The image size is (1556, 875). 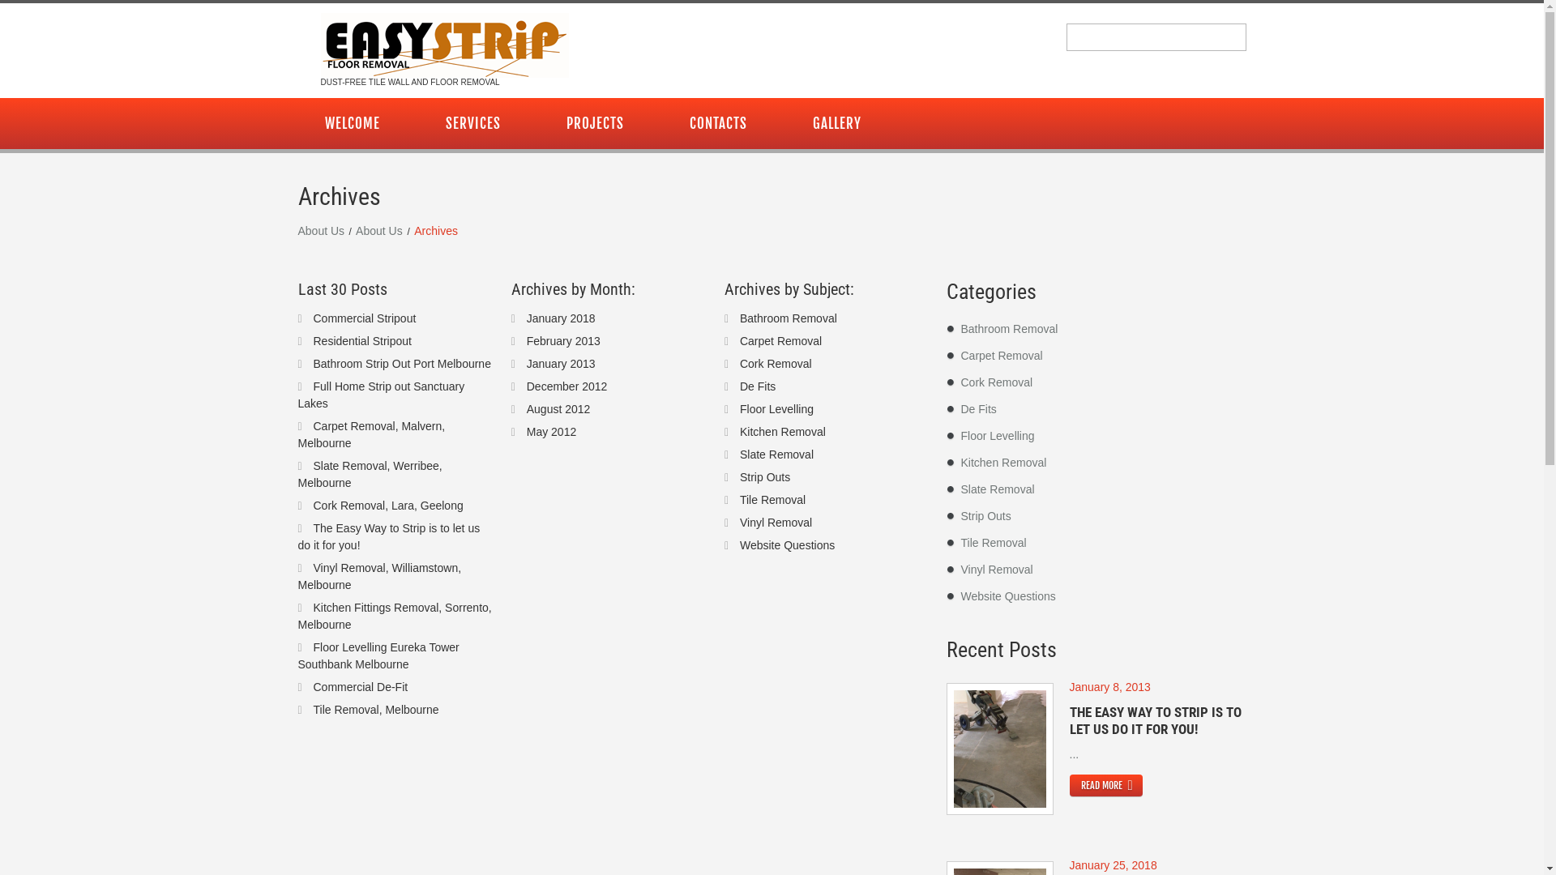 I want to click on 'Website Questions', so click(x=787, y=544).